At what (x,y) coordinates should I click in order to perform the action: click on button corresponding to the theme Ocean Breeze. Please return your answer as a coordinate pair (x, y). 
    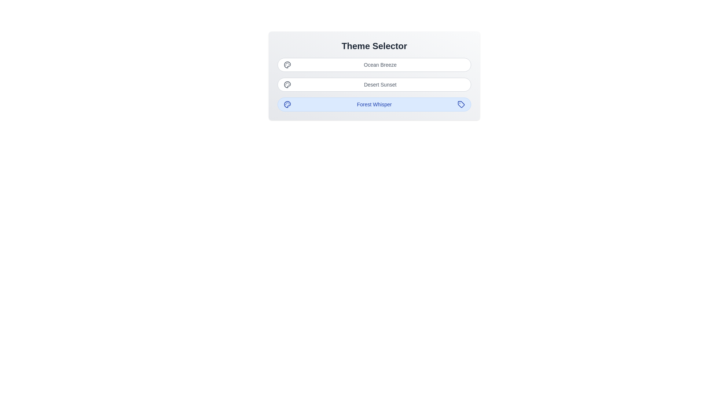
    Looking at the image, I should click on (374, 65).